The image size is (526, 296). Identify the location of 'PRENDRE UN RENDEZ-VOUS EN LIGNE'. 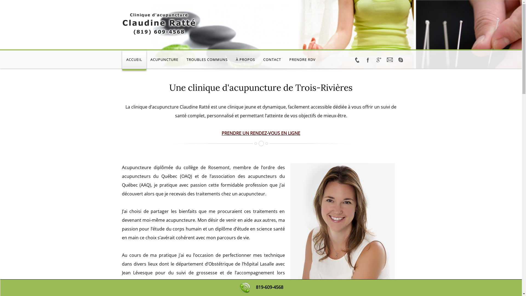
(261, 133).